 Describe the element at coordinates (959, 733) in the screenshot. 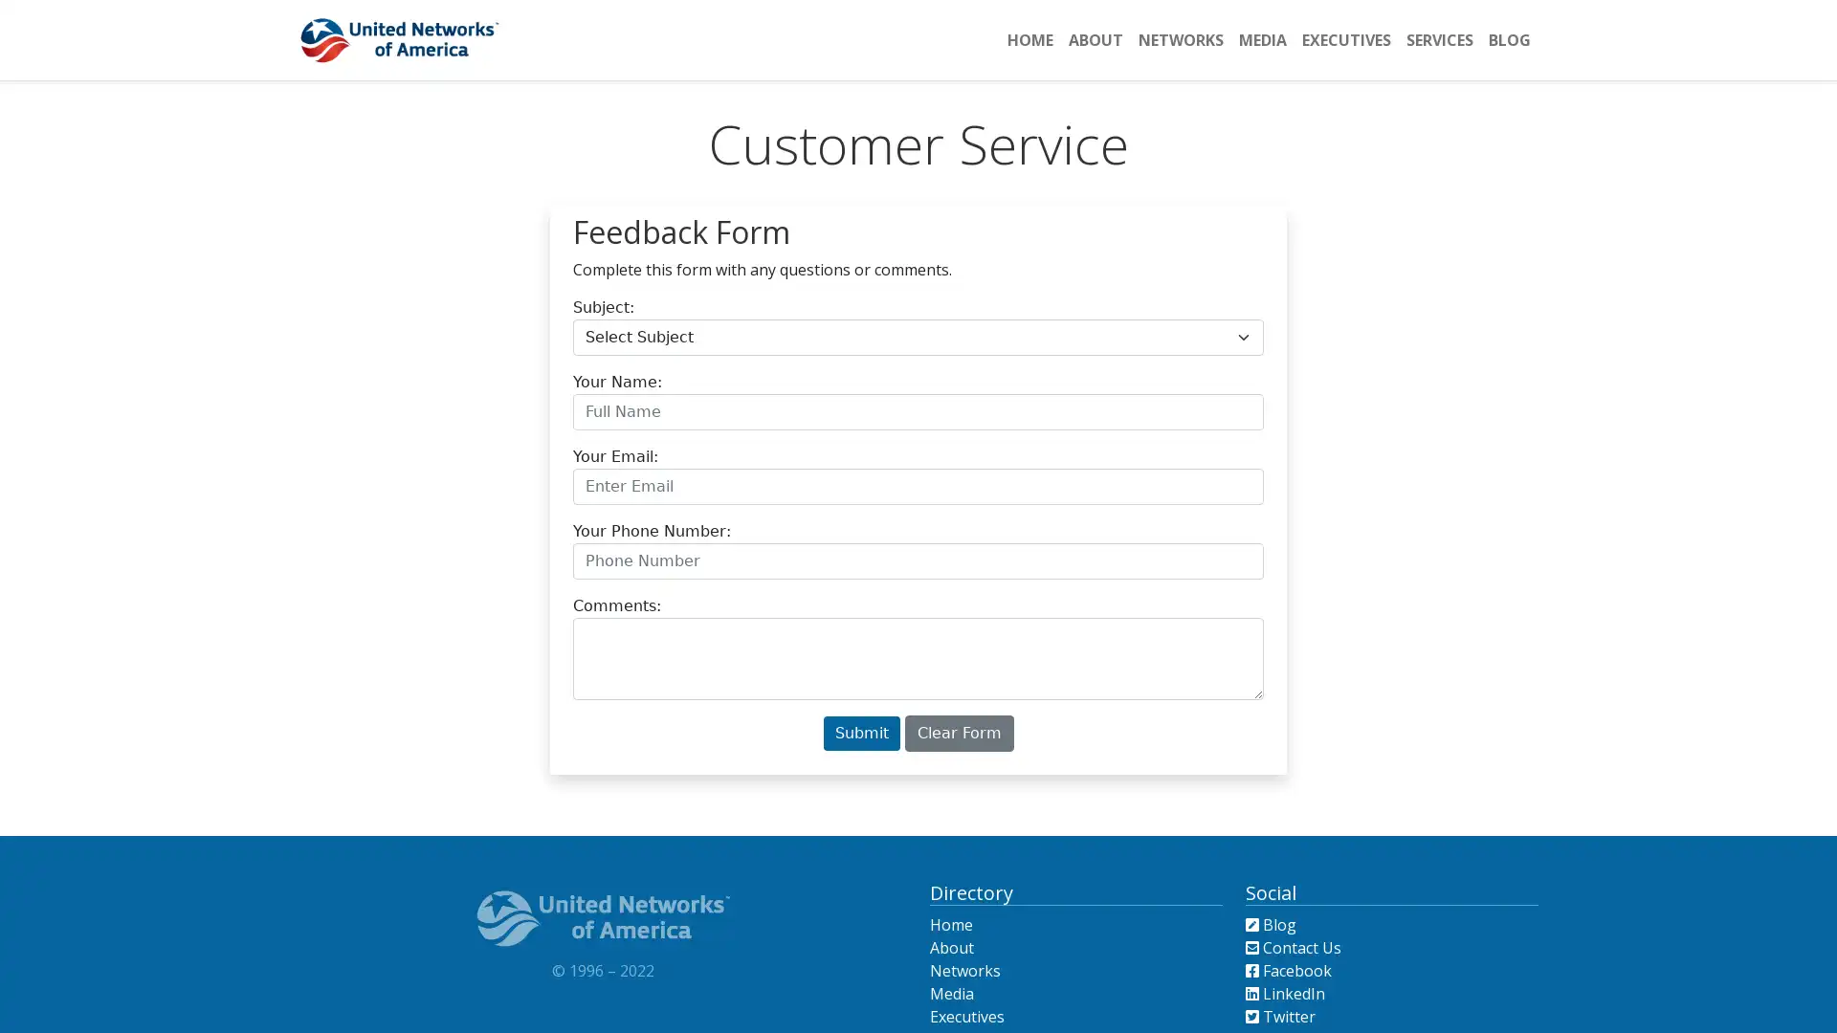

I see `Clear Form` at that location.